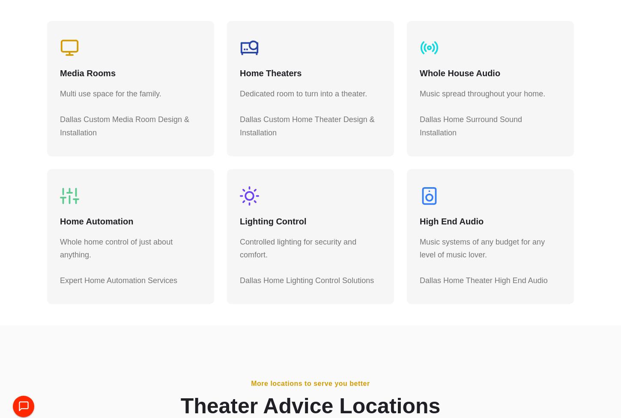  Describe the element at coordinates (272, 225) in the screenshot. I see `'Lighting Control'` at that location.